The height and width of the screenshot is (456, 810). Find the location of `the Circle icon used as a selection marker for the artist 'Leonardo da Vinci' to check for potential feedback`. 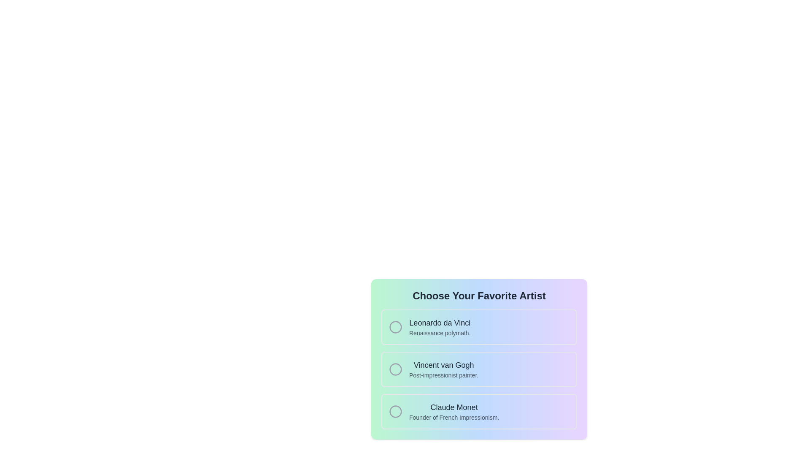

the Circle icon used as a selection marker for the artist 'Leonardo da Vinci' to check for potential feedback is located at coordinates (395, 327).